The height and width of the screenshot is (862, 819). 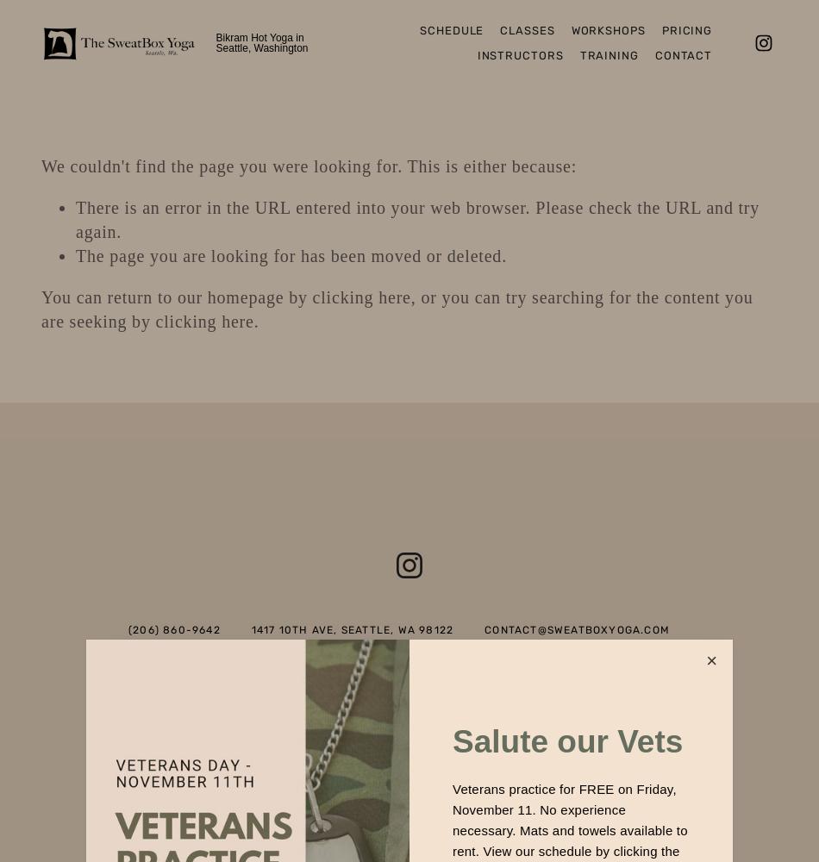 What do you see at coordinates (173, 629) in the screenshot?
I see `'(206) 860-9642'` at bounding box center [173, 629].